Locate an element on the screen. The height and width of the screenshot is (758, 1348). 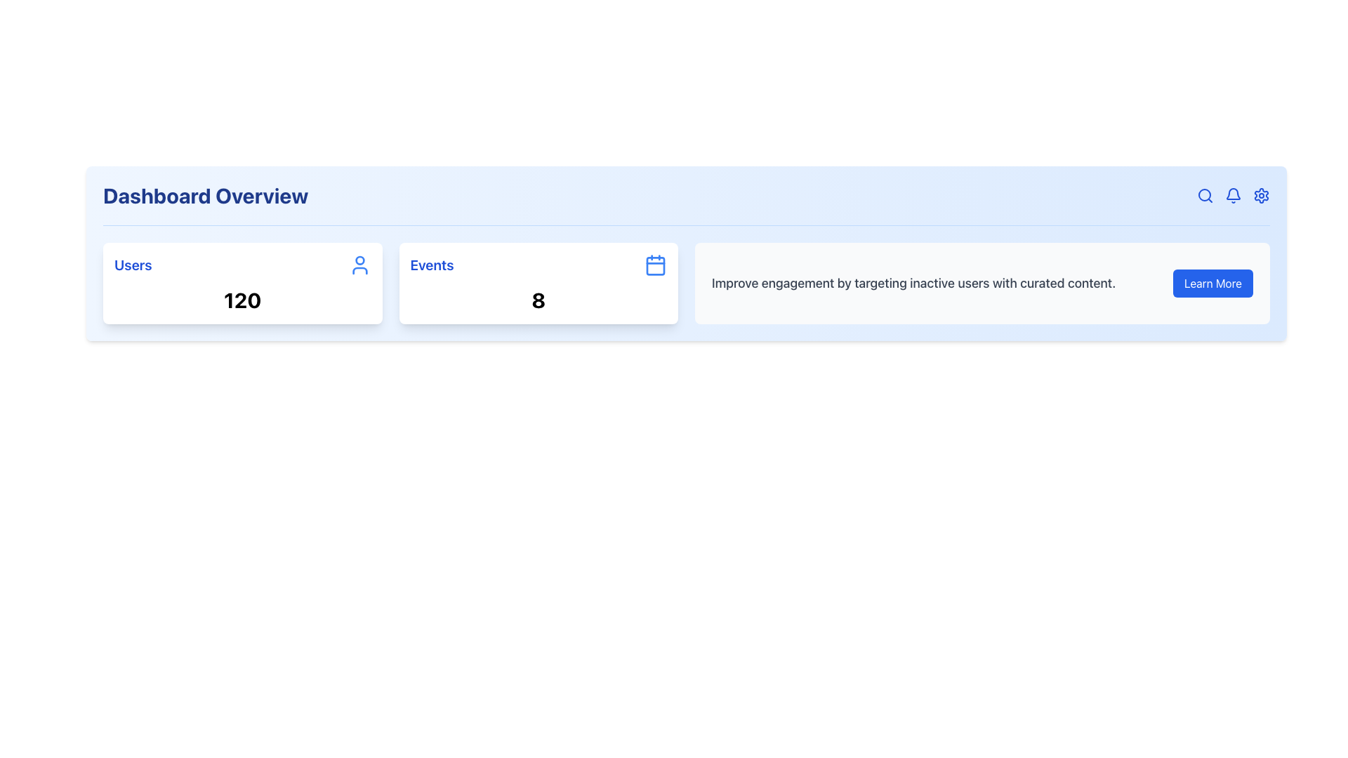
text from the 'Dashboard Overview' text label, which is displayed in large, bold, deep blue font in the upper-left side of the header area is located at coordinates (205, 195).